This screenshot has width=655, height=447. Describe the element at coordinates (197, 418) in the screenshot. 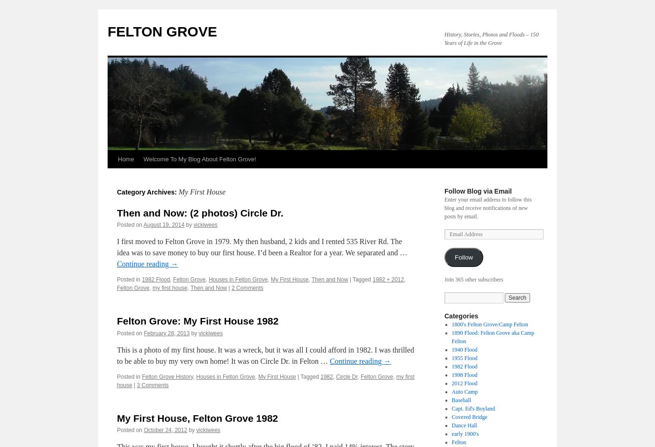

I see `'My First House, Felton Grove 1982'` at that location.